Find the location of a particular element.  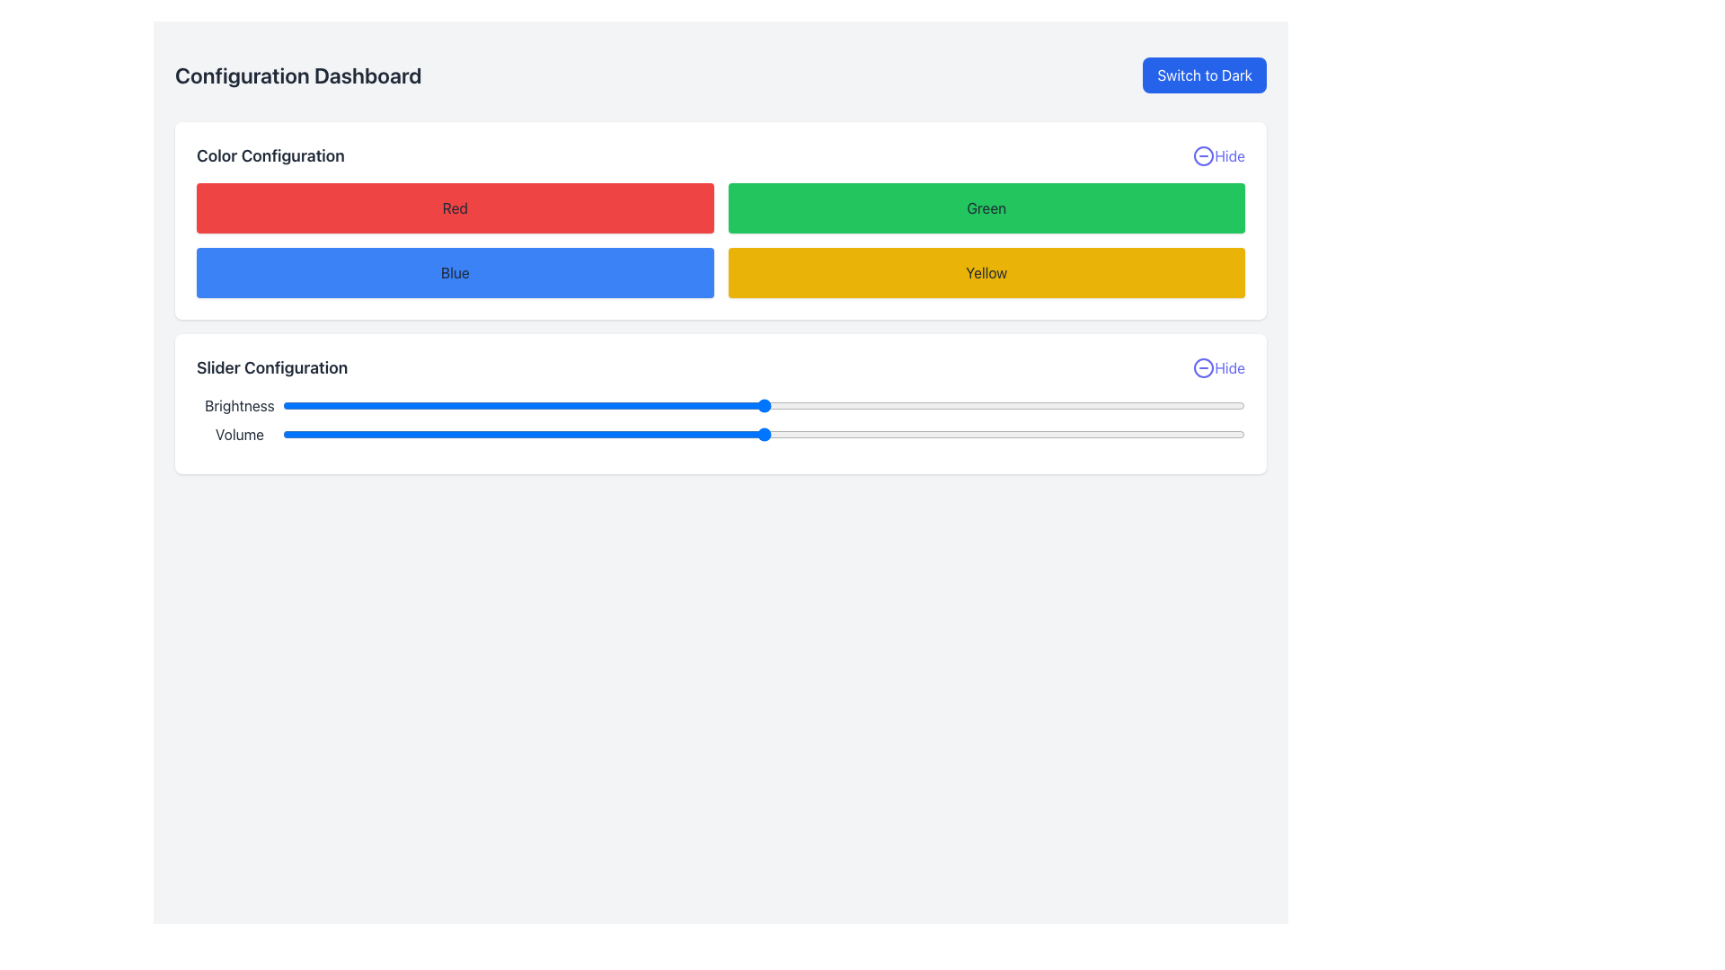

the slider value is located at coordinates (820, 434).